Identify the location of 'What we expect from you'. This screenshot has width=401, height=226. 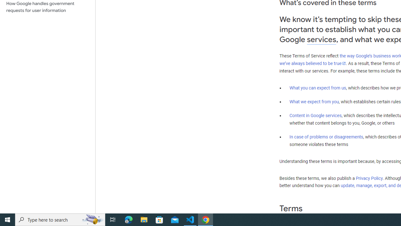
(314, 101).